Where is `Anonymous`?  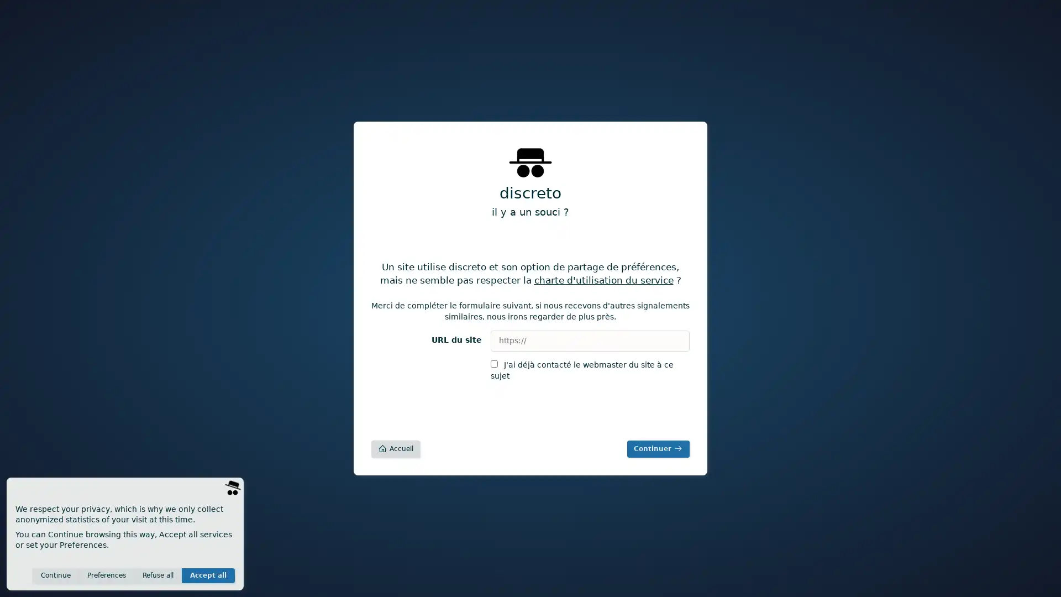
Anonymous is located at coordinates (128, 579).